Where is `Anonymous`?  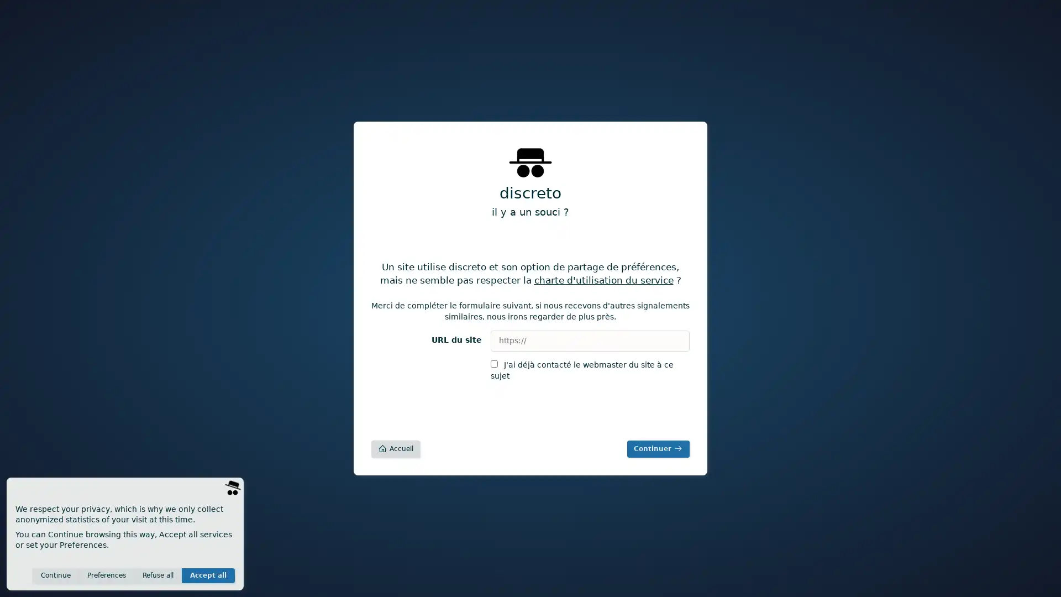
Anonymous is located at coordinates (128, 579).